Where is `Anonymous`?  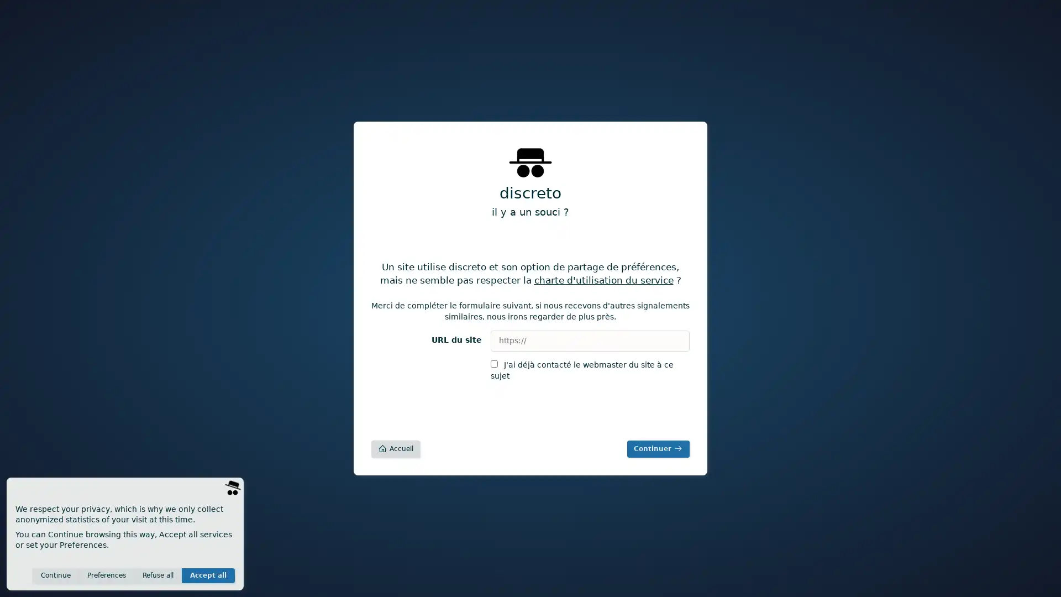
Anonymous is located at coordinates (128, 579).